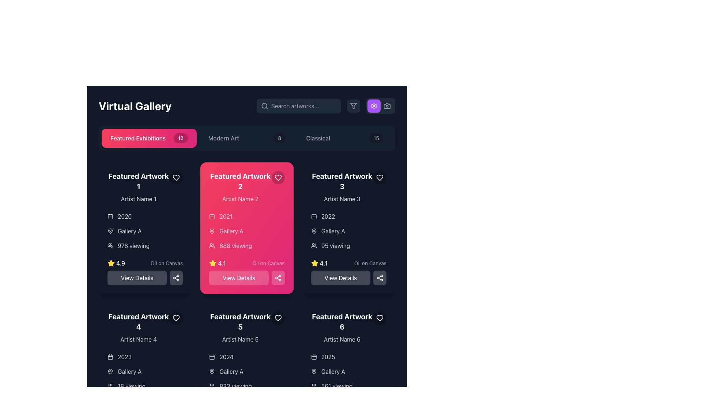 This screenshot has width=702, height=395. Describe the element at coordinates (278, 278) in the screenshot. I see `the small, square share button with a share icon located in the bottom-right corner of the 'Featured Artwork 2' section` at that location.